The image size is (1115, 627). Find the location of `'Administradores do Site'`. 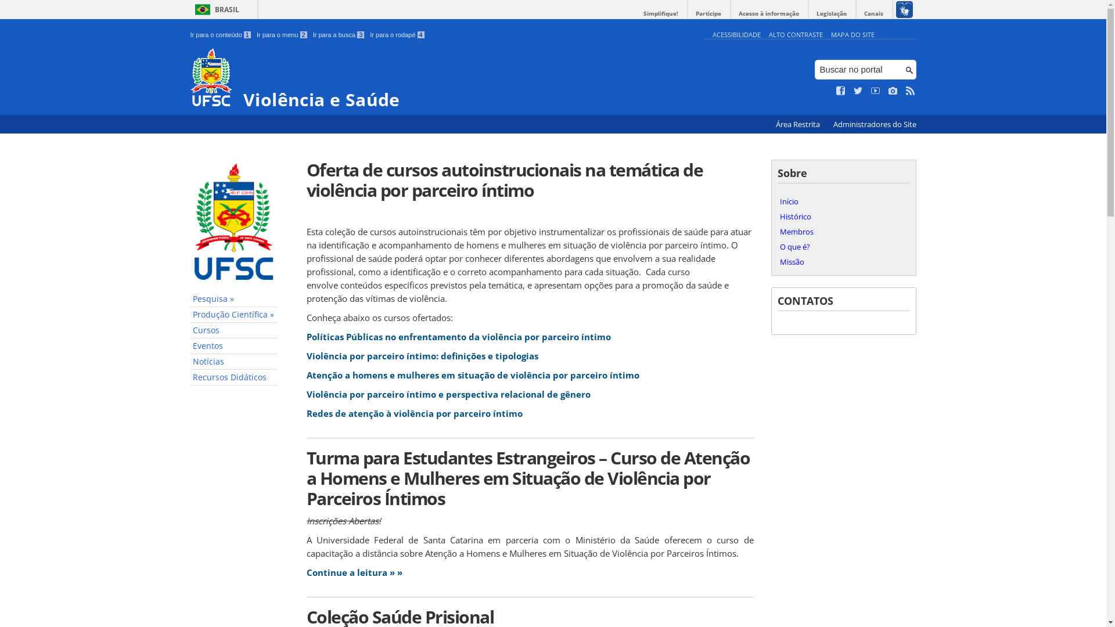

'Administradores do Site' is located at coordinates (874, 124).